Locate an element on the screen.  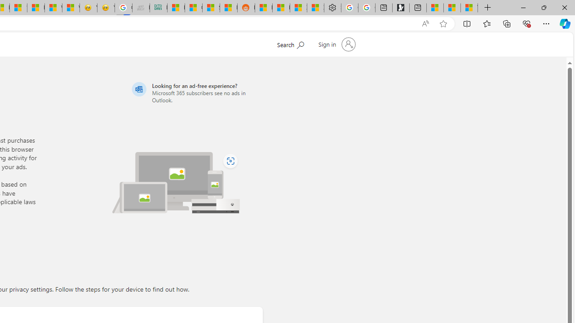
'R******* | Trusted Community Engagement and Contributions' is located at coordinates (263, 8).